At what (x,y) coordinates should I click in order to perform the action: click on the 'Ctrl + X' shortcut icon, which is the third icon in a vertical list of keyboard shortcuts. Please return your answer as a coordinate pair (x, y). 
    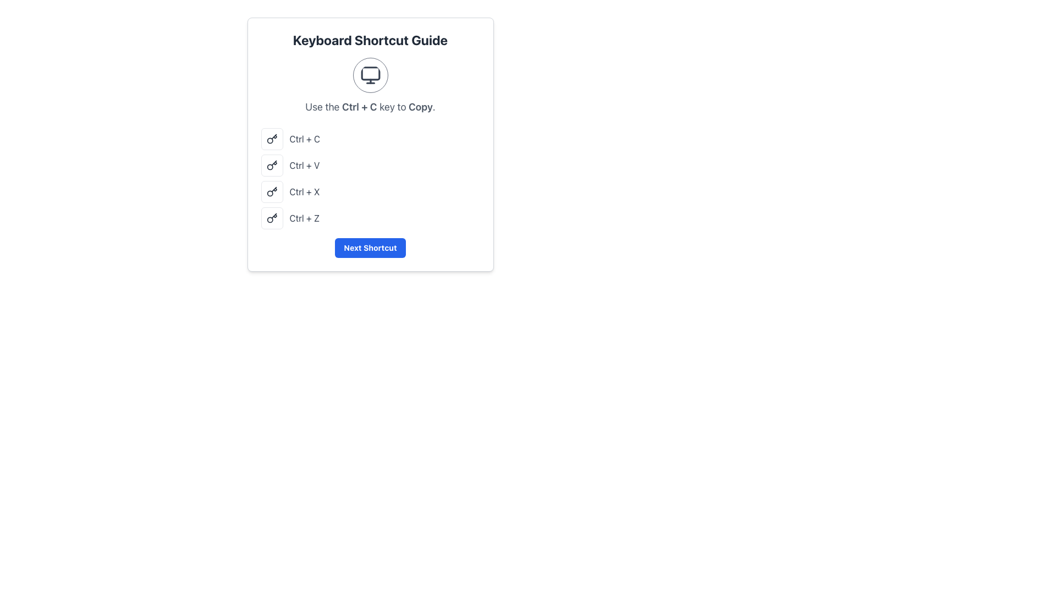
    Looking at the image, I should click on (272, 191).